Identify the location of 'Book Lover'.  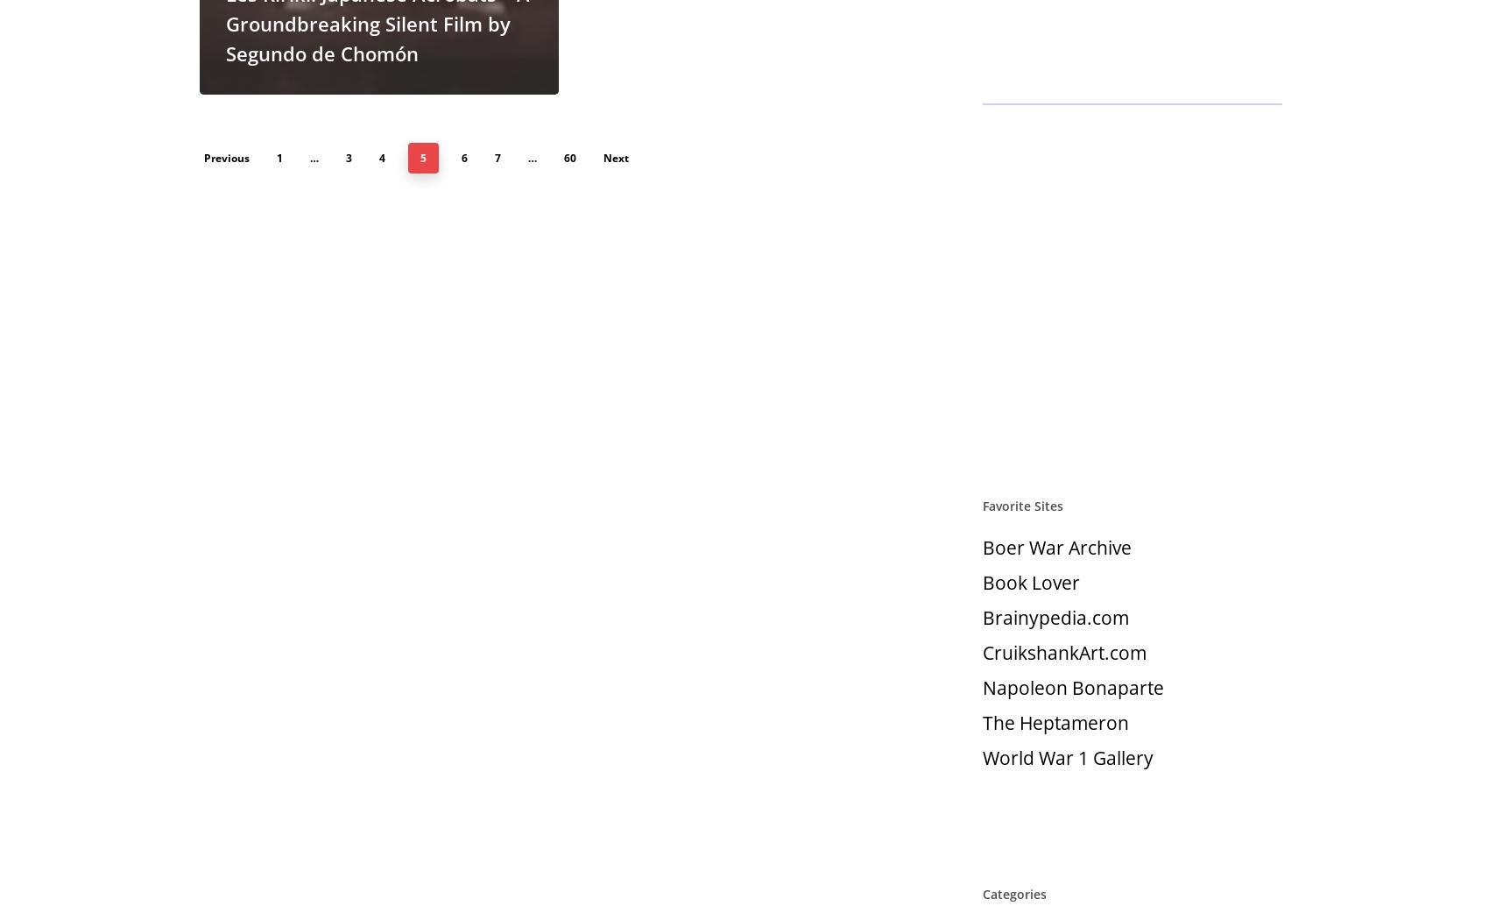
(1030, 582).